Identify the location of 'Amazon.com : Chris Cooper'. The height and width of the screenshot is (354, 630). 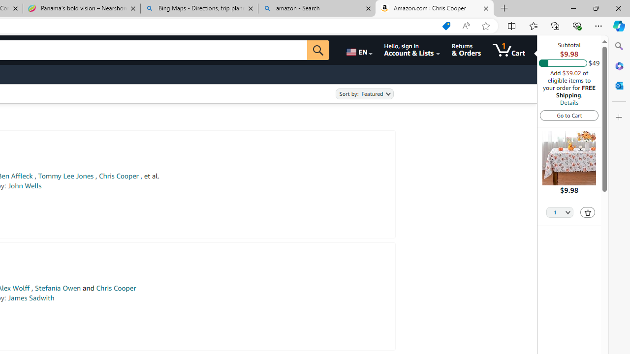
(434, 8).